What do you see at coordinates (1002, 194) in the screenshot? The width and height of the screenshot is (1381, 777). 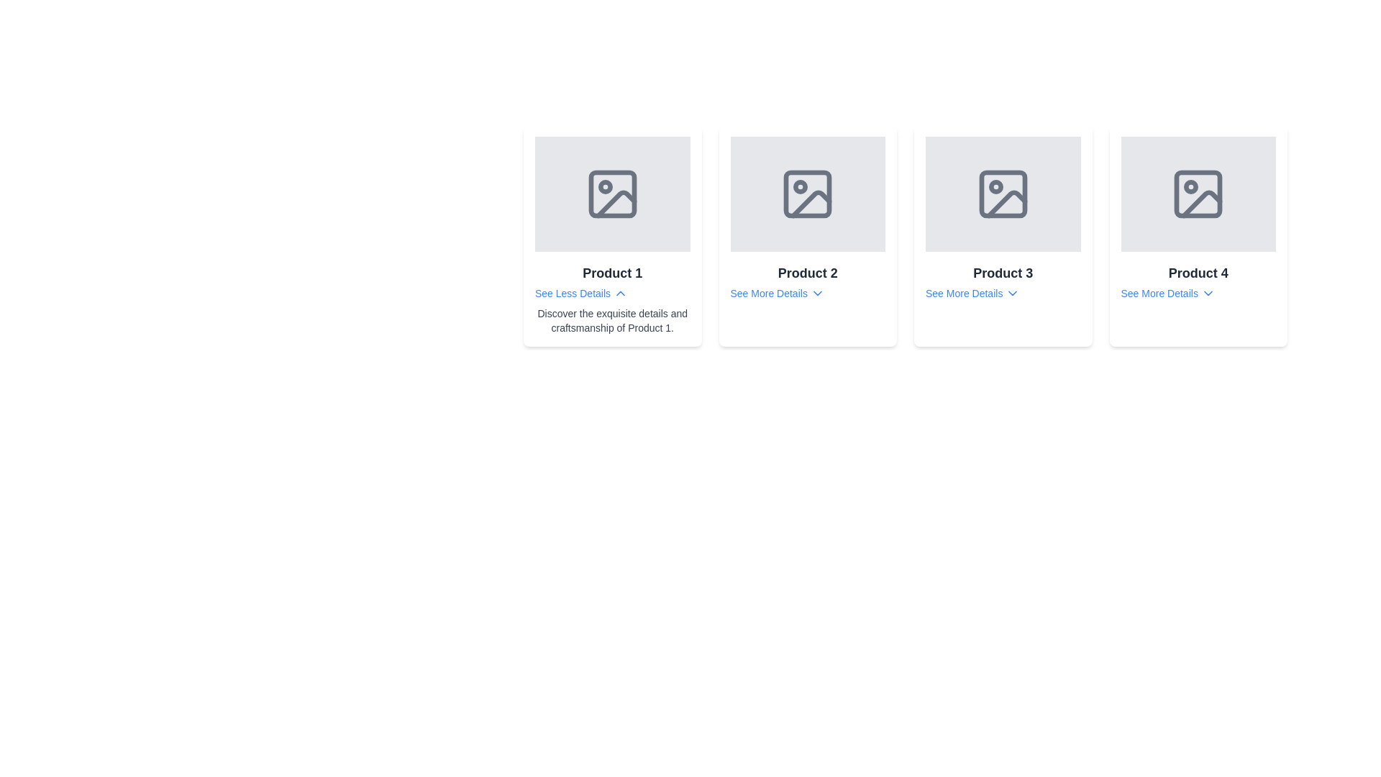 I see `the decorative rectangle with rounded corners that serves as a background element within the 'Product 3' icon representation` at bounding box center [1002, 194].